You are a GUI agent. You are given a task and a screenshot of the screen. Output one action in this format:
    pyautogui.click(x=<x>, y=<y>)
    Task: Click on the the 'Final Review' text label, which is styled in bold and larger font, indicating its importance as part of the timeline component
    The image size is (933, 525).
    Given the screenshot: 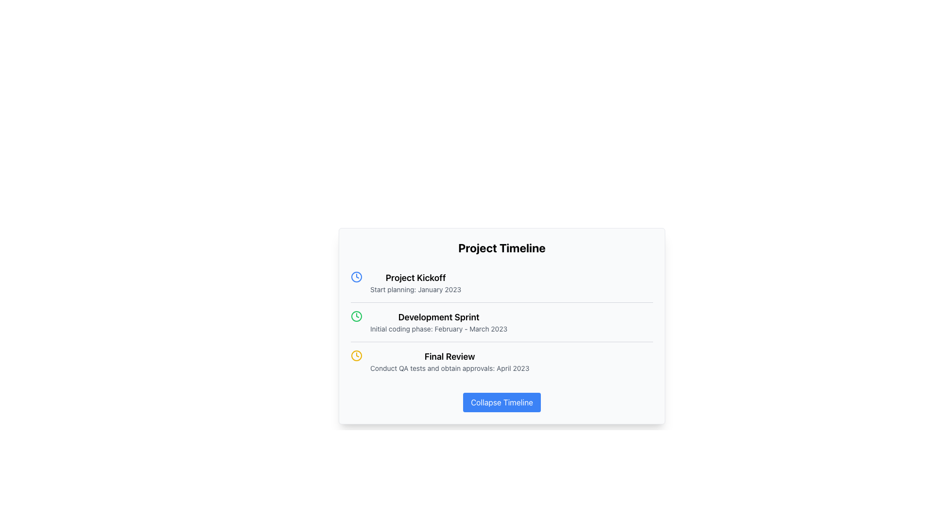 What is the action you would take?
    pyautogui.click(x=449, y=356)
    